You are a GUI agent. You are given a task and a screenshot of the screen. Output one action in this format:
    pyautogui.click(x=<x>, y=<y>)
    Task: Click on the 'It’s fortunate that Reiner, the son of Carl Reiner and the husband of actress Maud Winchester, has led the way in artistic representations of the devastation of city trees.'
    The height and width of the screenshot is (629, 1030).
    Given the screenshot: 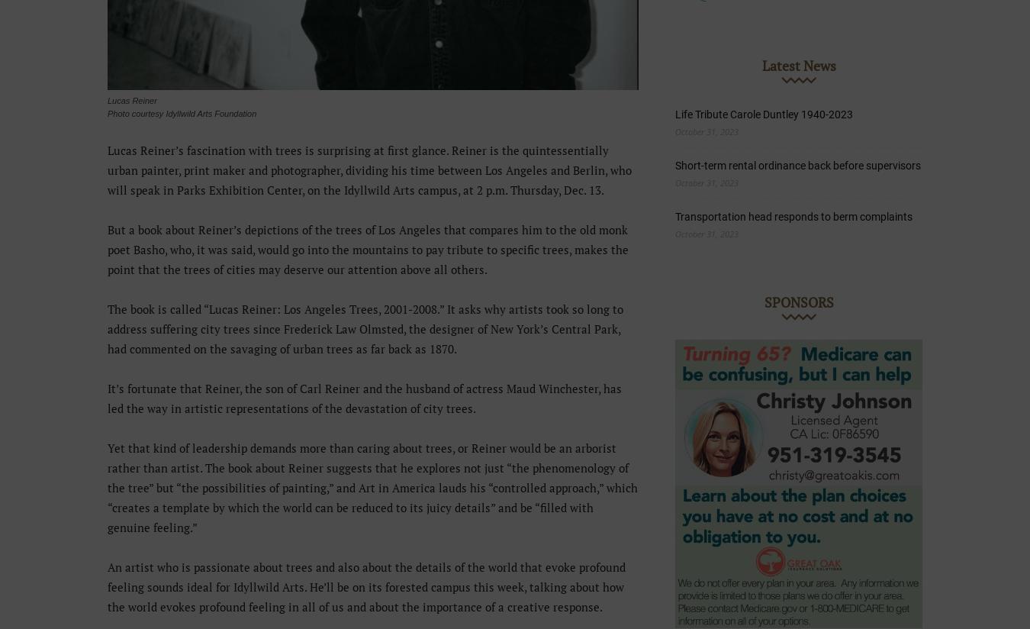 What is the action you would take?
    pyautogui.click(x=107, y=398)
    